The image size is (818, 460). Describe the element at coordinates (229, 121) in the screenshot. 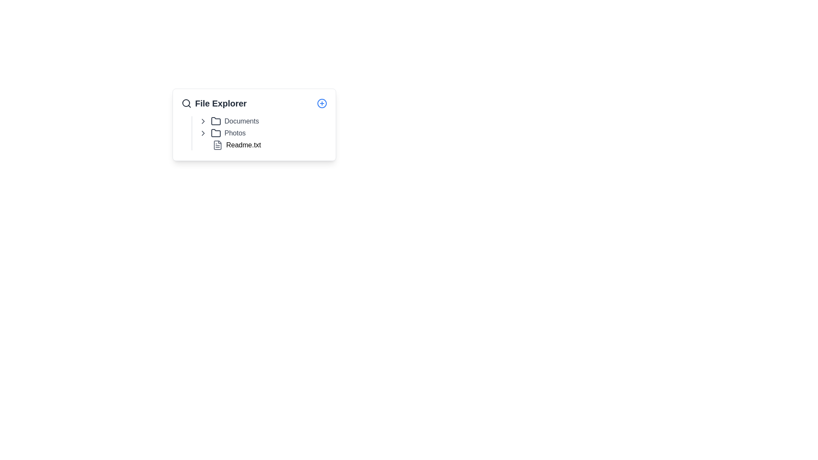

I see `the 'Documents' folder item in the File Explorer list to change its text color from gray to blue, indicating interactivity` at that location.